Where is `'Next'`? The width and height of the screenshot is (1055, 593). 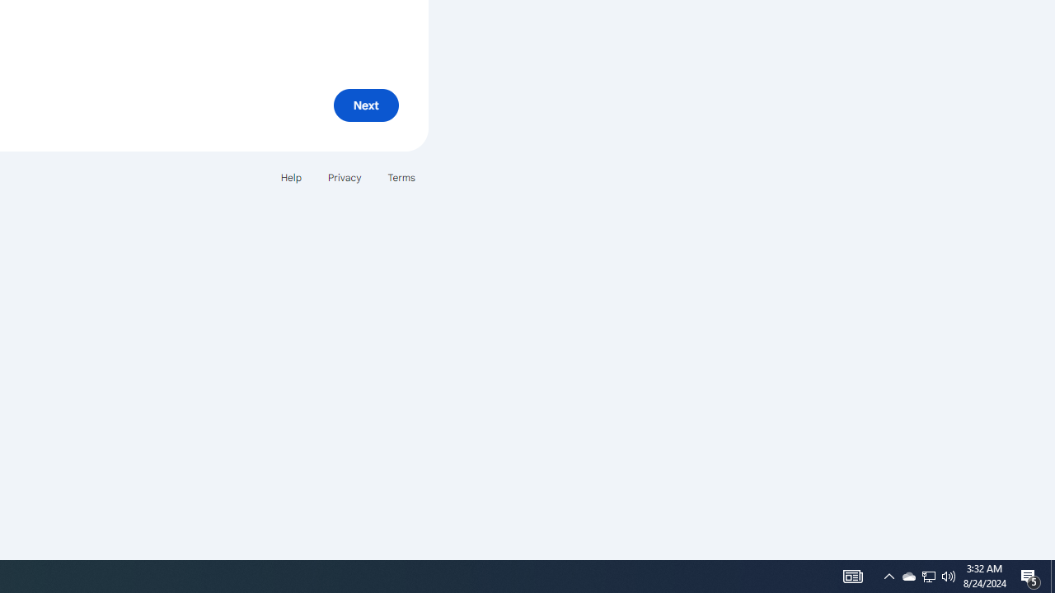
'Next' is located at coordinates (365, 105).